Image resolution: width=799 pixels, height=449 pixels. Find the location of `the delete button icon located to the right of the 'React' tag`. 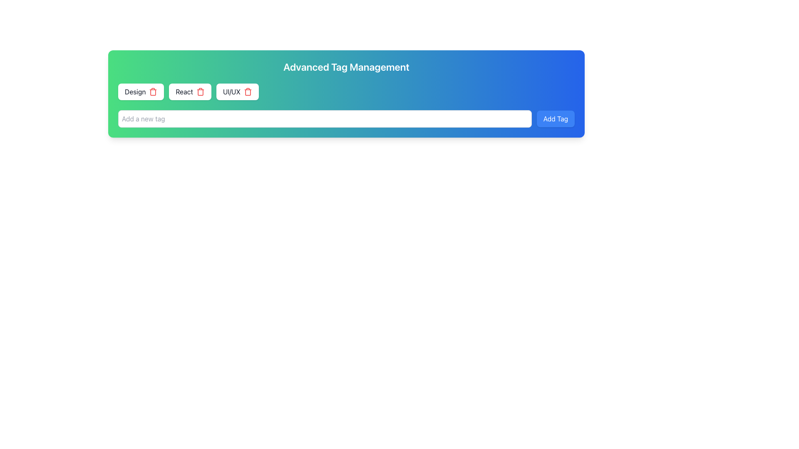

the delete button icon located to the right of the 'React' tag is located at coordinates (200, 91).